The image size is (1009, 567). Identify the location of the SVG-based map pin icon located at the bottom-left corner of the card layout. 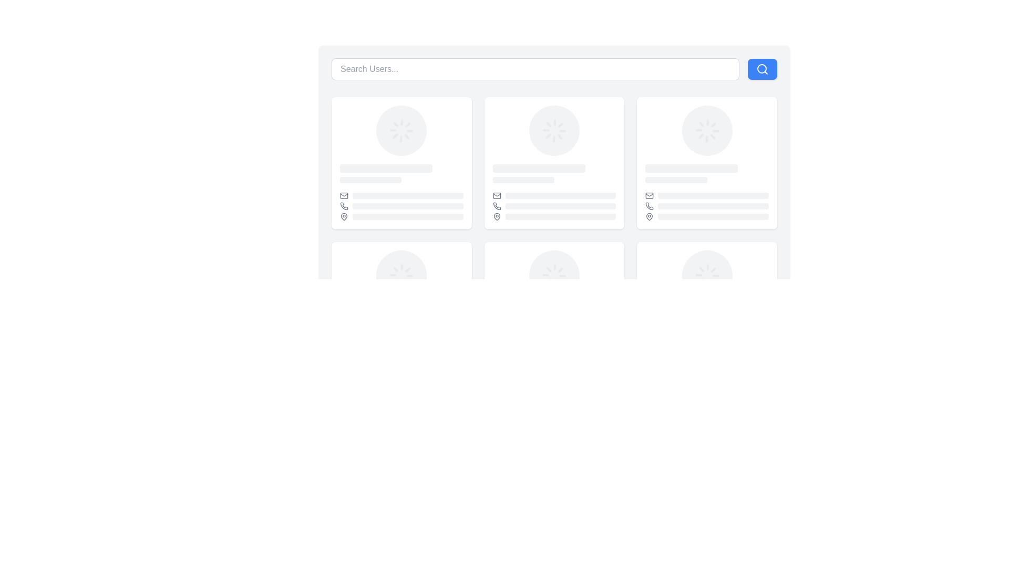
(344, 216).